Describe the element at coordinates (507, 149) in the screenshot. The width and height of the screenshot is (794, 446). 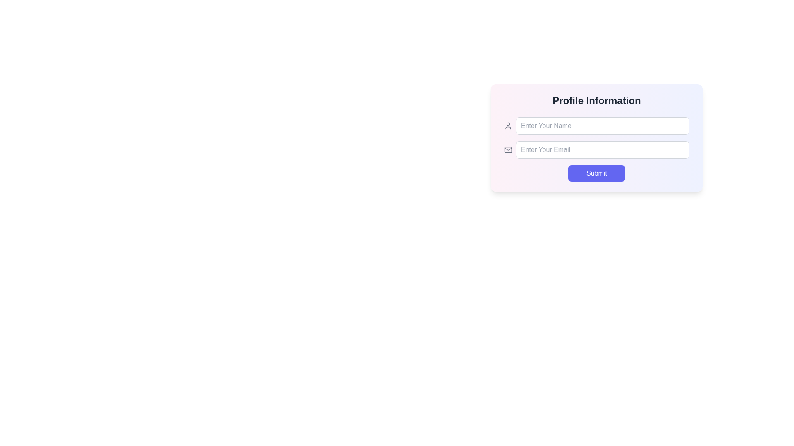
I see `the main rectangular section of the envelope icon, which is styled as a soft round-cornered rectangle and is located to the left of the email input field` at that location.